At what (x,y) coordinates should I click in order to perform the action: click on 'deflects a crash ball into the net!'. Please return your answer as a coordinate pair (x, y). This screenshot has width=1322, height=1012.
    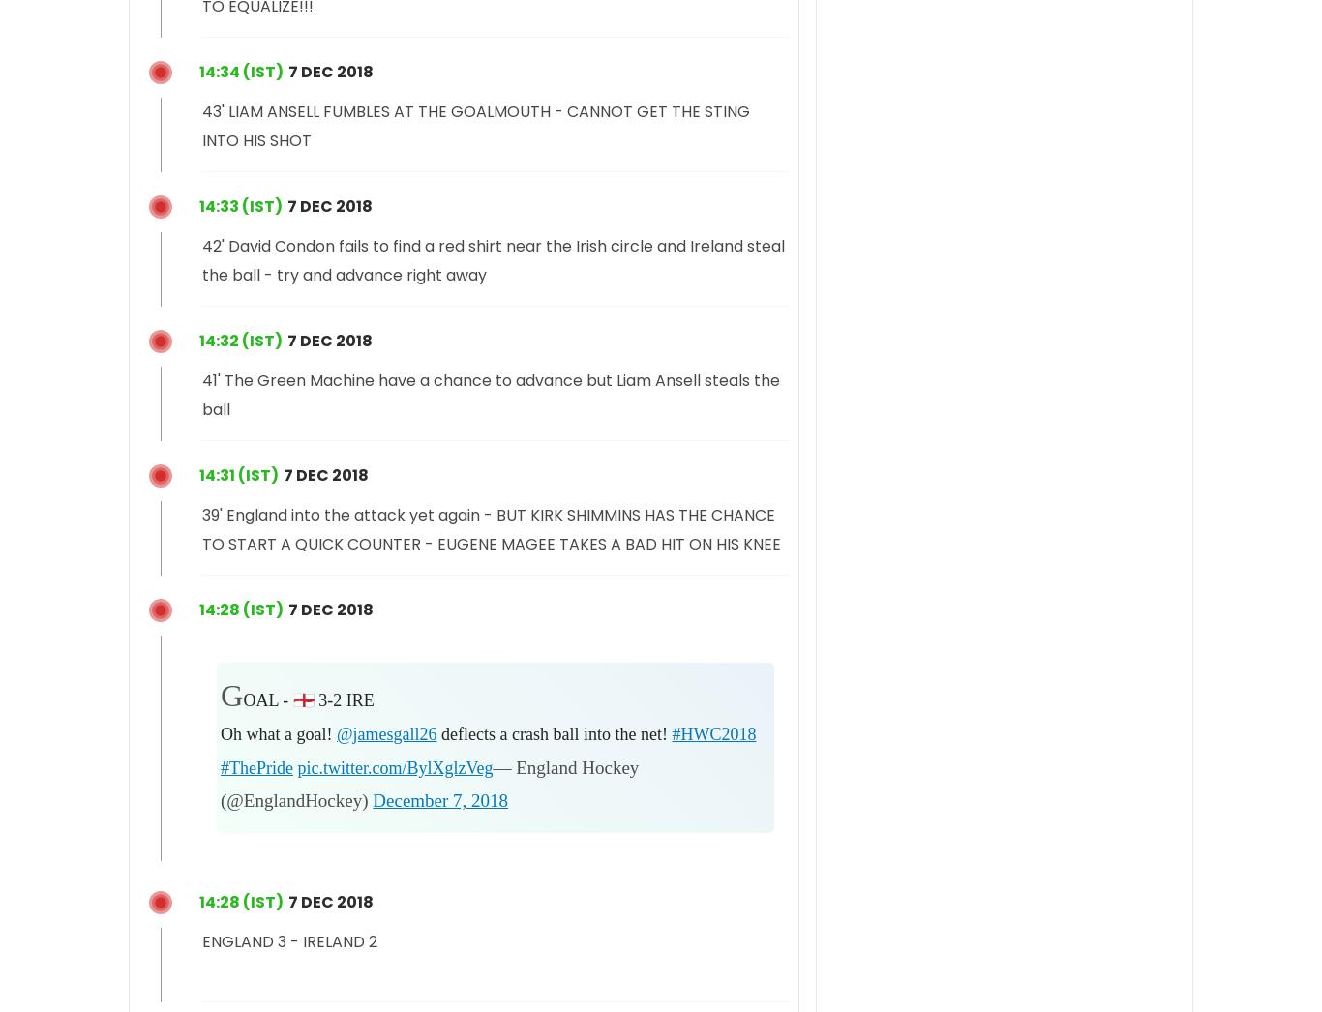
    Looking at the image, I should click on (553, 732).